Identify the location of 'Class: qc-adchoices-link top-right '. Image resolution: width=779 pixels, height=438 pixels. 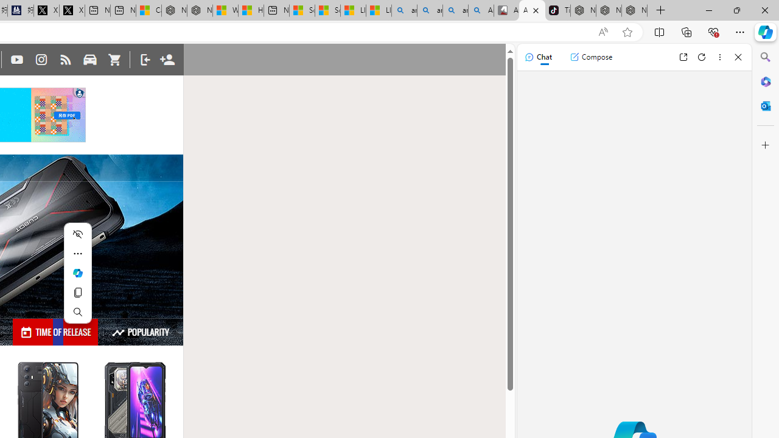
(79, 91).